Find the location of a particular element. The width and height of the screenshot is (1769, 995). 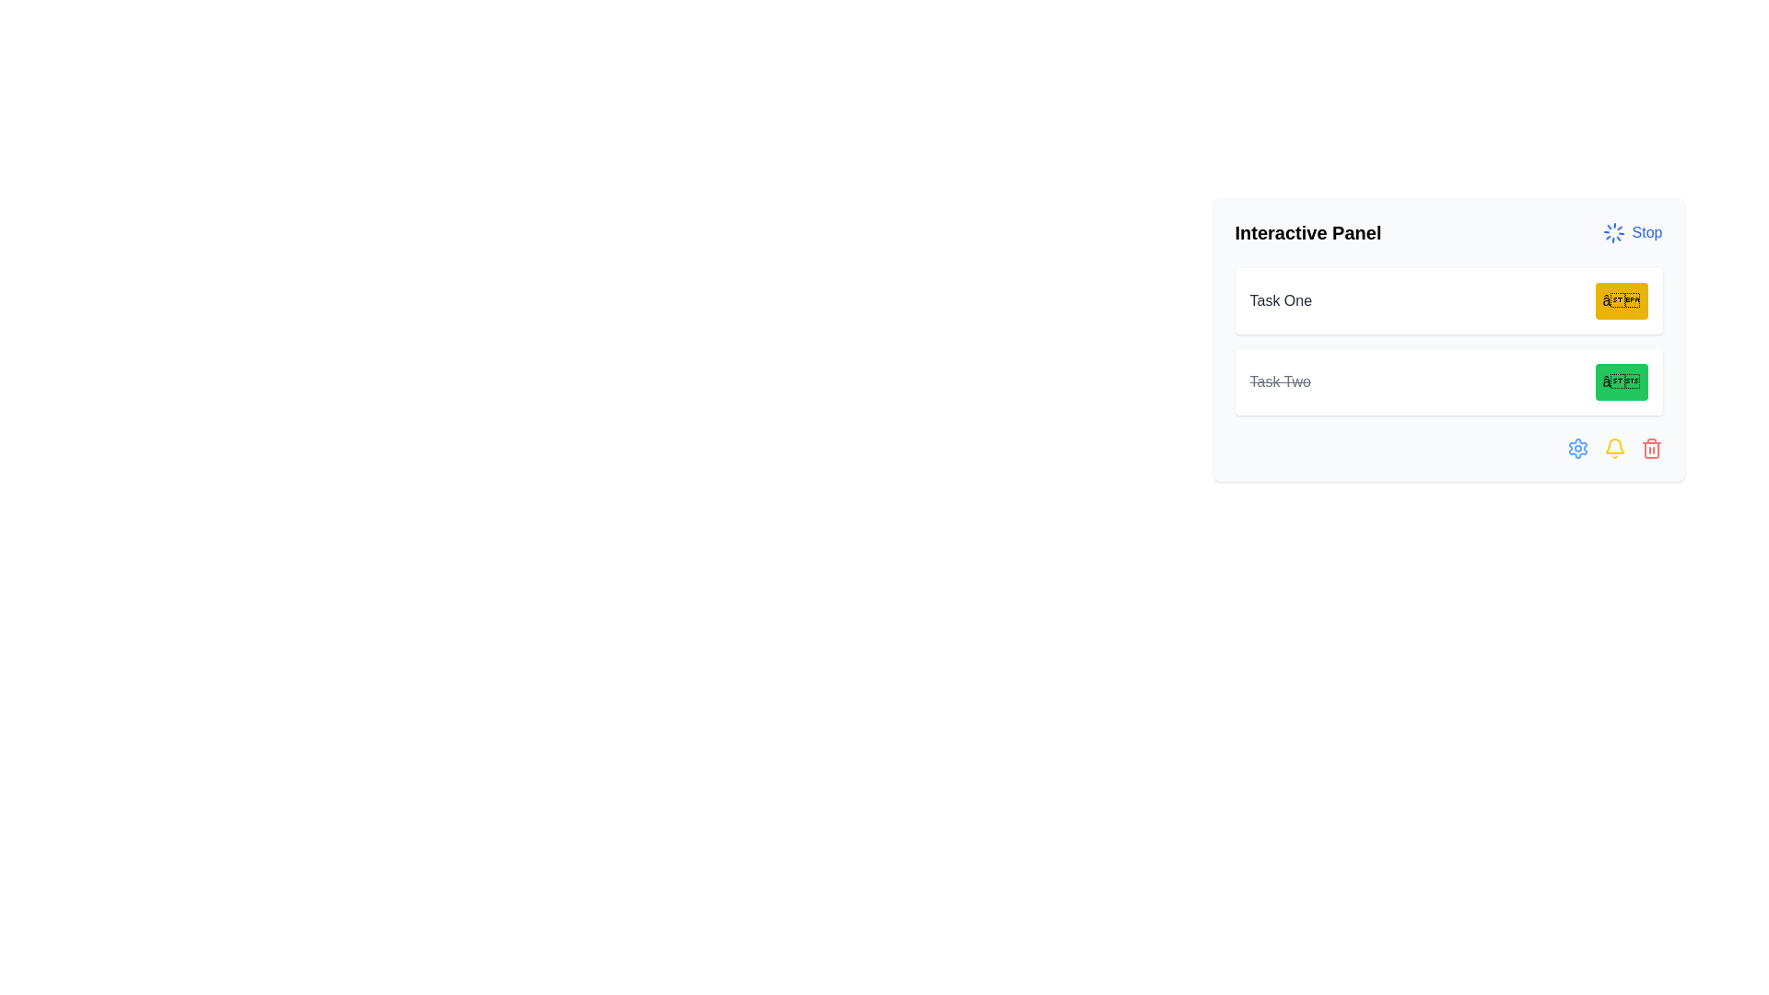

the animation of the Loader/Spinner icon located at the top-right of the Interactive Panel, next to the Stop text label is located at coordinates (1612, 232).